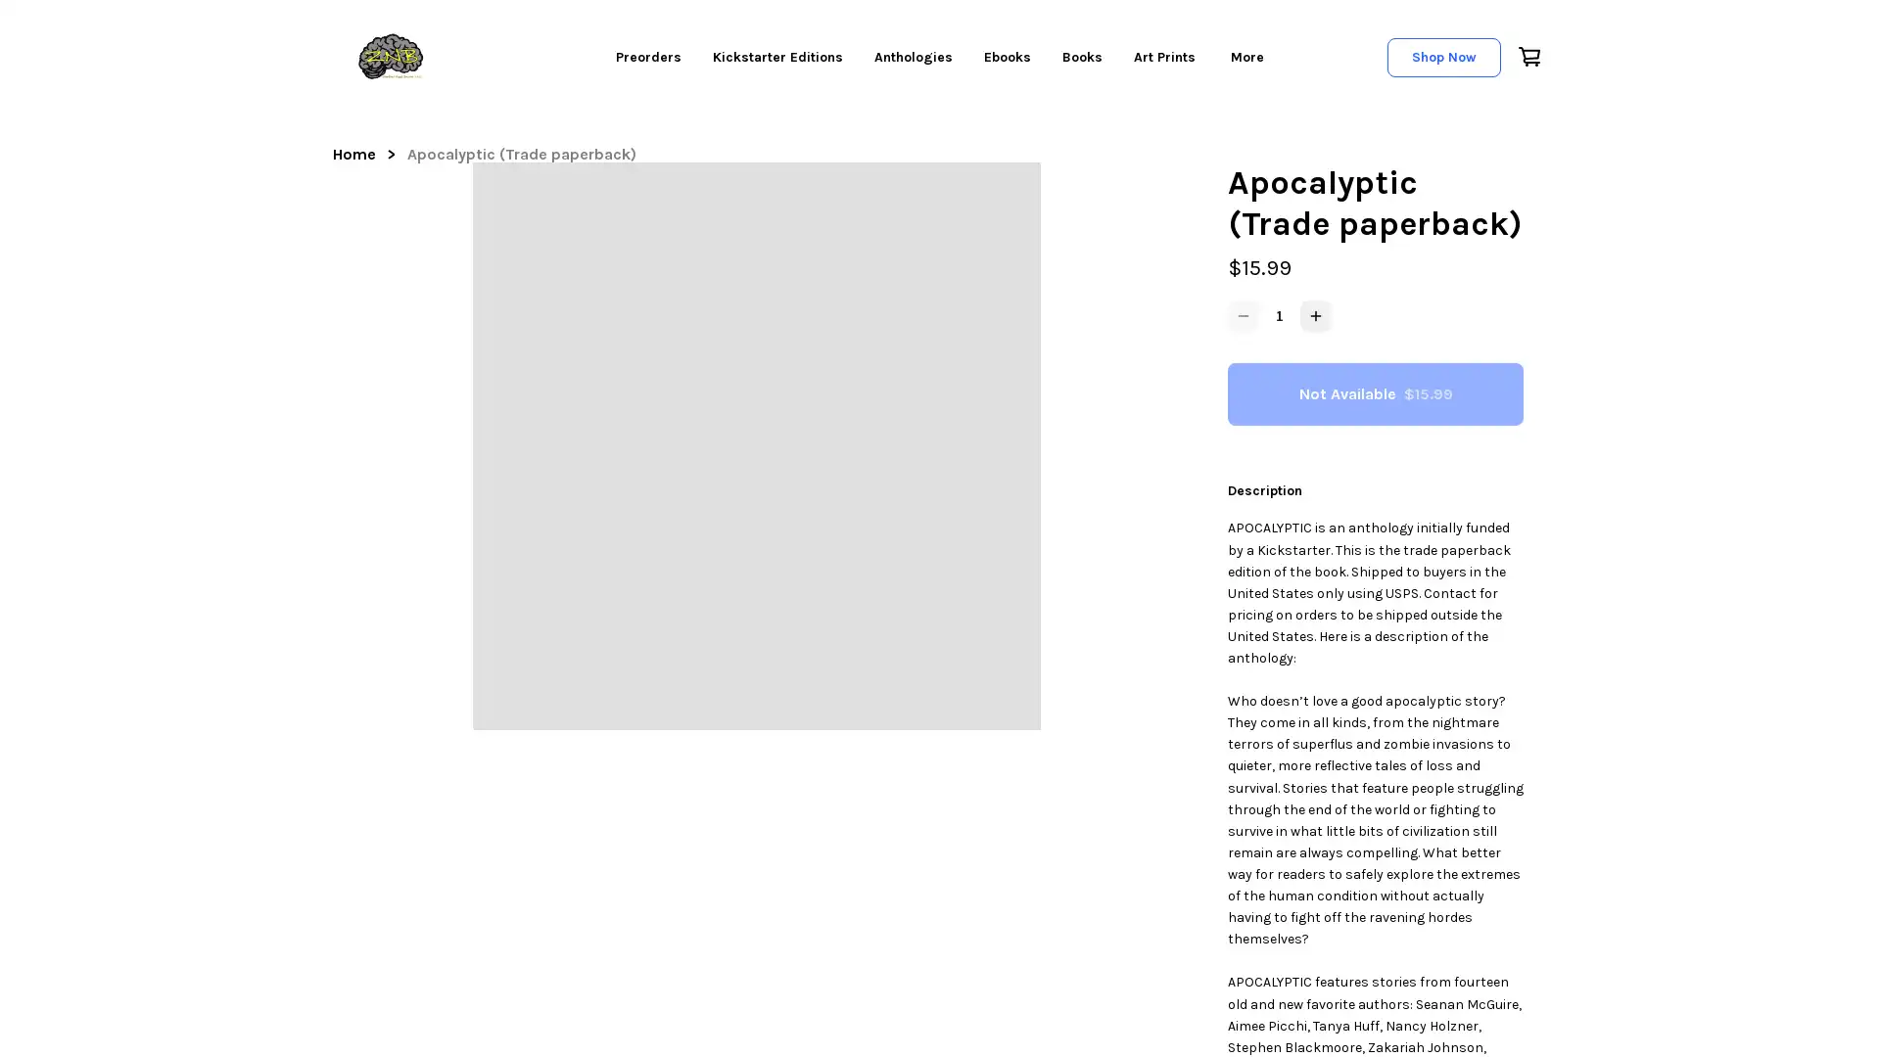  I want to click on Not Available $15.99, so click(1375, 393).